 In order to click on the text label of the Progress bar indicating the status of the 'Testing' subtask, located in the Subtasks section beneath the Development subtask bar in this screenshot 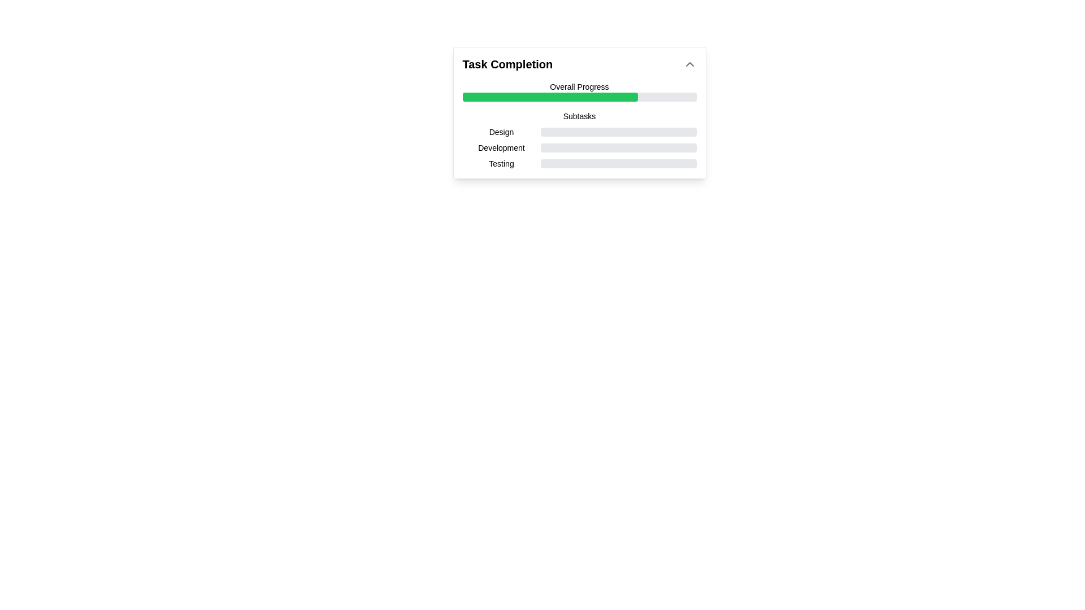, I will do `click(579, 163)`.